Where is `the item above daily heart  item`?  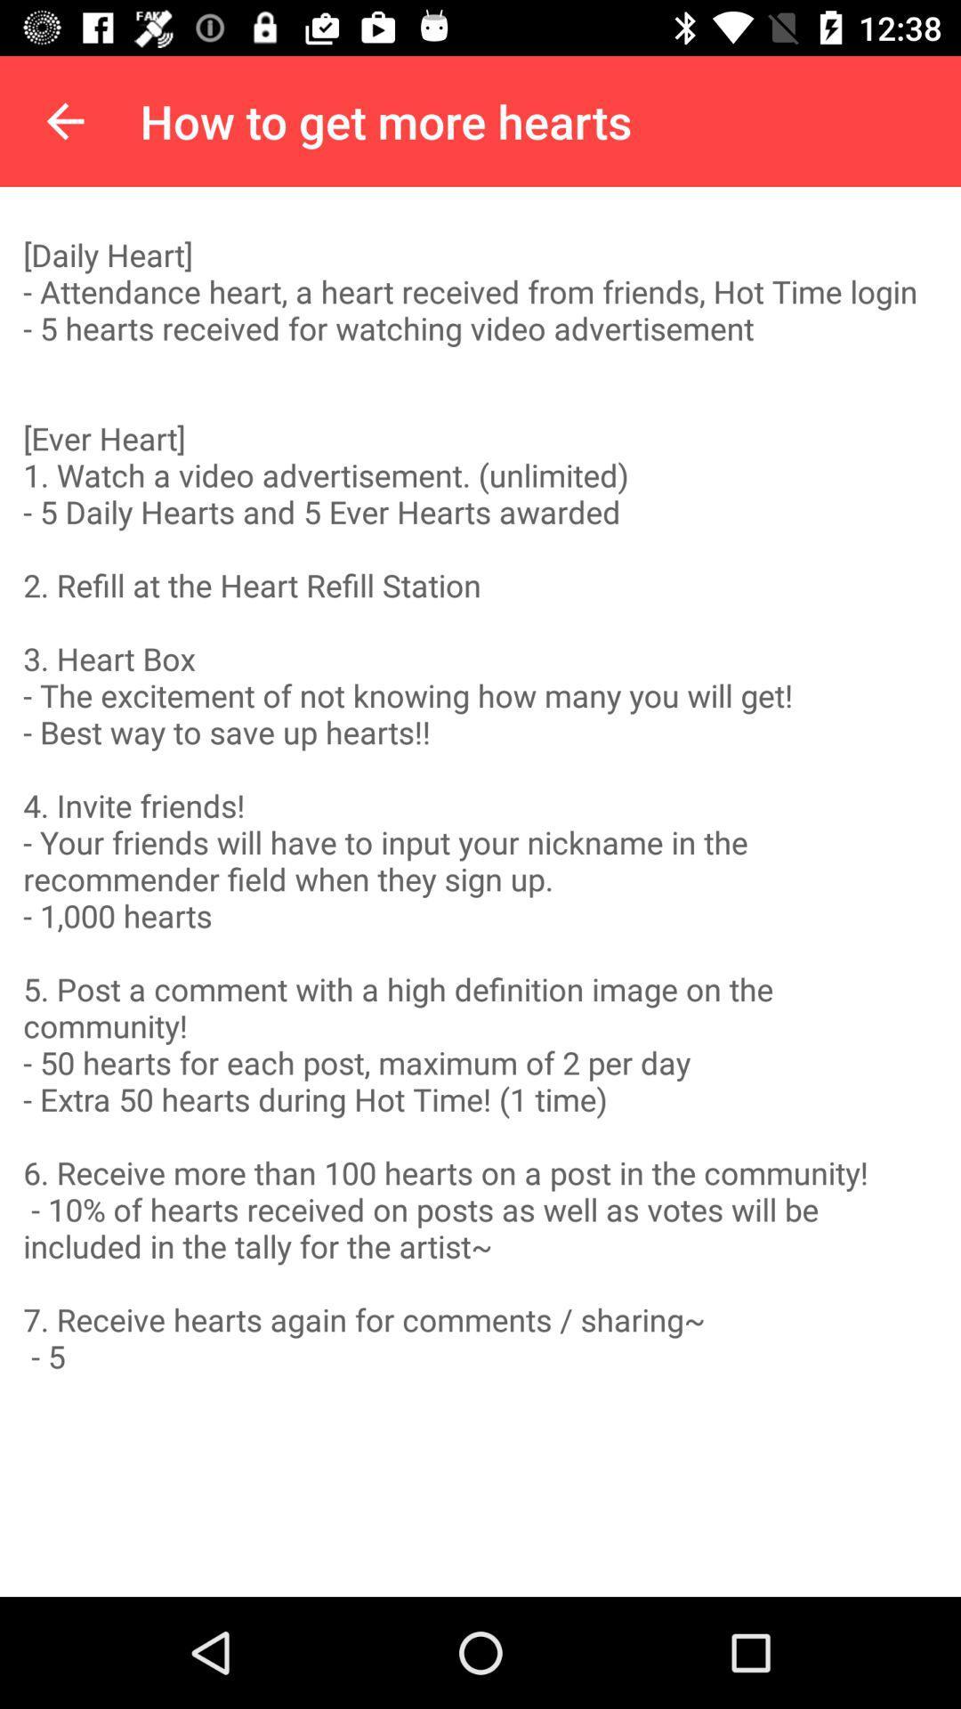
the item above daily heart  item is located at coordinates (64, 120).